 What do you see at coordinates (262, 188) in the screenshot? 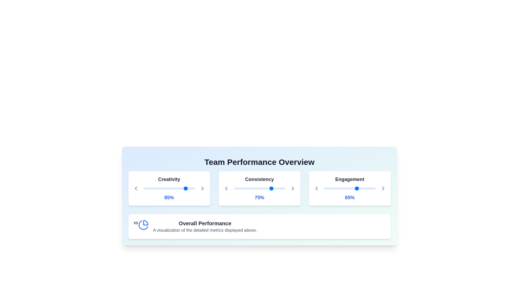
I see `the consistency score` at bounding box center [262, 188].